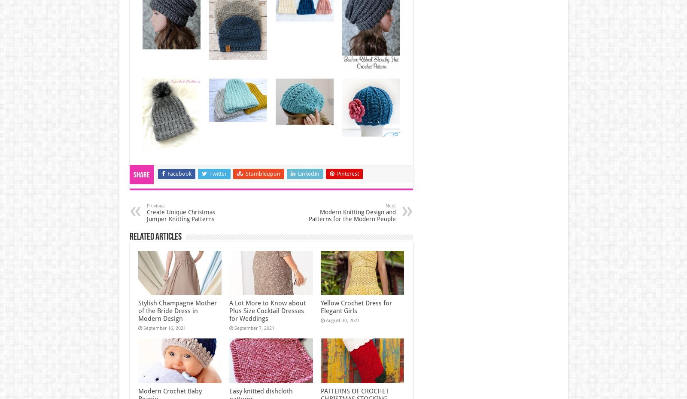  What do you see at coordinates (164, 328) in the screenshot?
I see `'September 16, 2021'` at bounding box center [164, 328].